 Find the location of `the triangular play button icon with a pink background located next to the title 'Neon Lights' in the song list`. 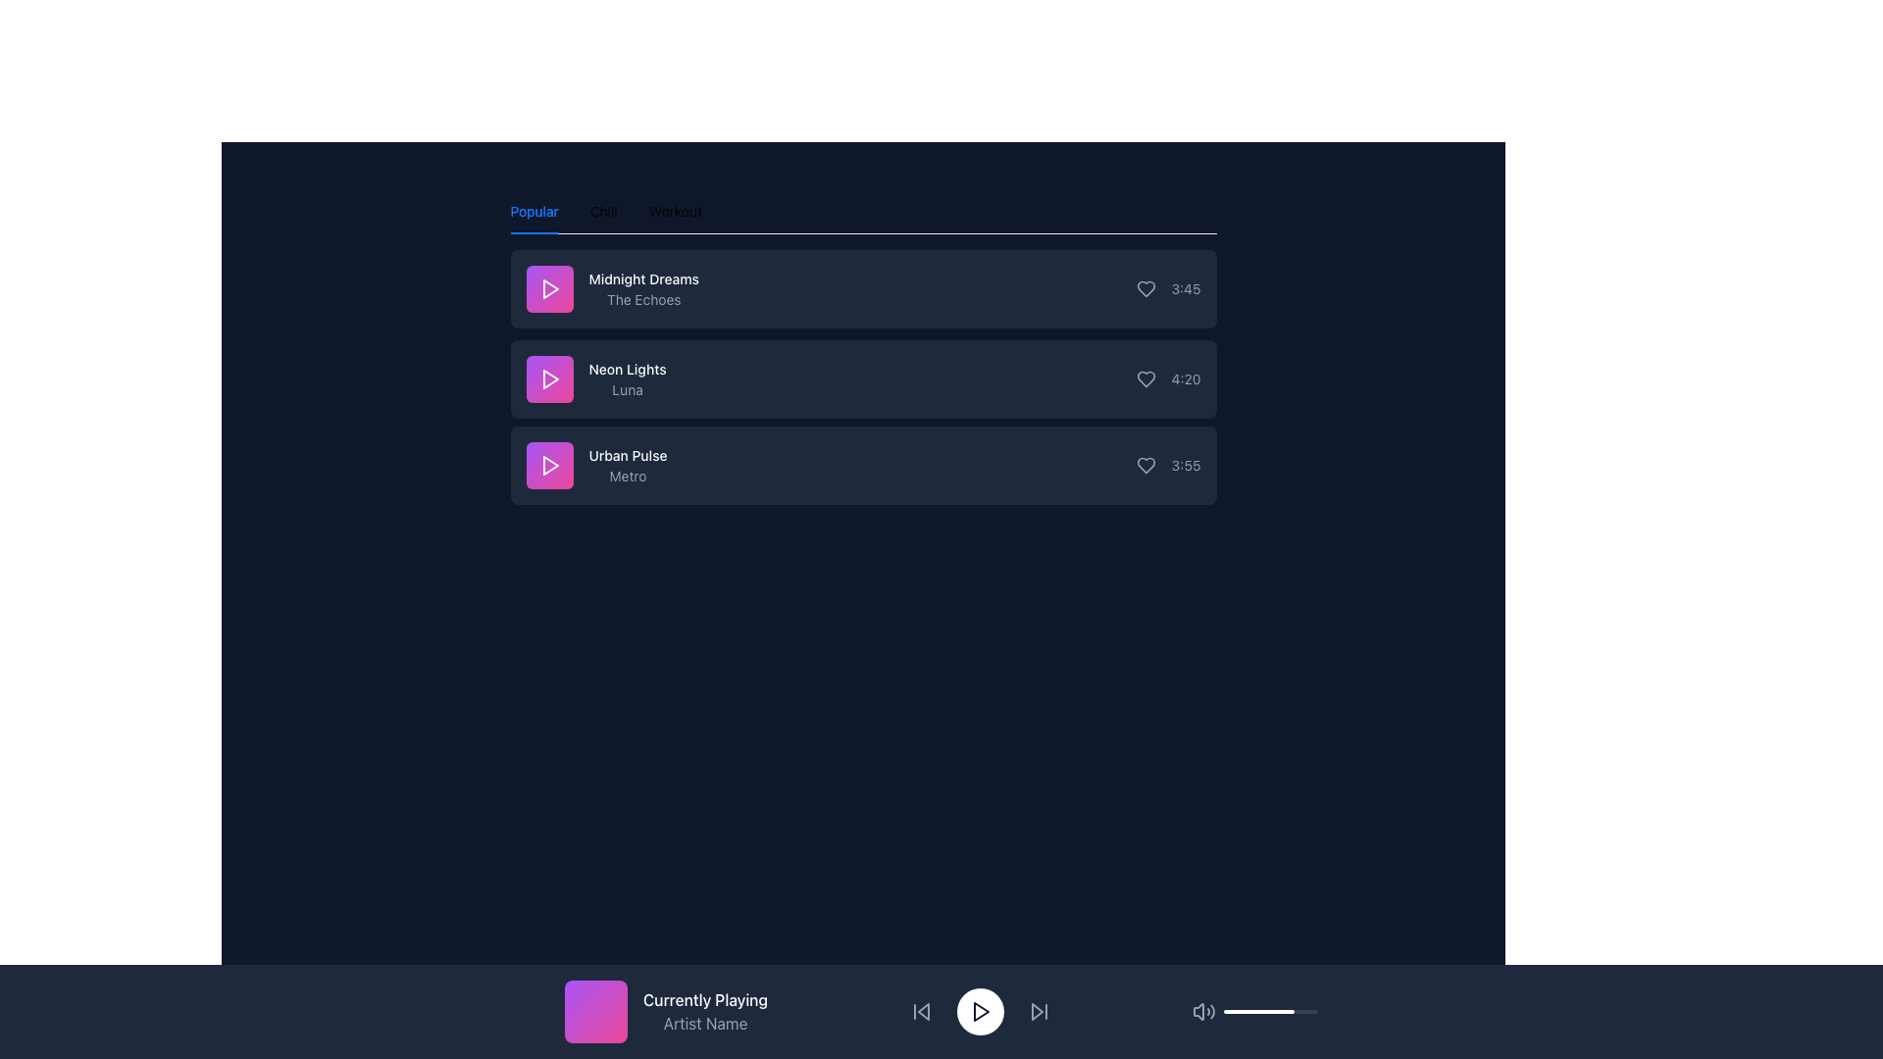

the triangular play button icon with a pink background located next to the title 'Neon Lights' in the song list is located at coordinates (549, 378).